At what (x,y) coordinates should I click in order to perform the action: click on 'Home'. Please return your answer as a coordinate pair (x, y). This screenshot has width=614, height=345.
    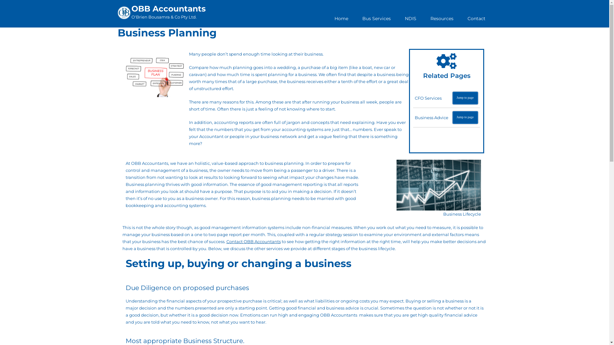
    Looking at the image, I should click on (341, 18).